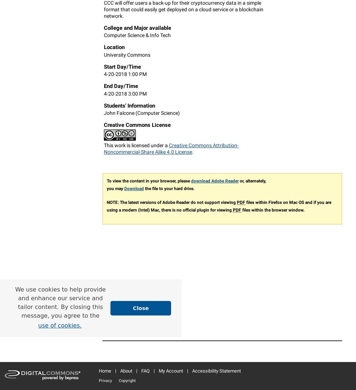 The width and height of the screenshot is (356, 390). Describe the element at coordinates (119, 380) in the screenshot. I see `'Copyright'` at that location.